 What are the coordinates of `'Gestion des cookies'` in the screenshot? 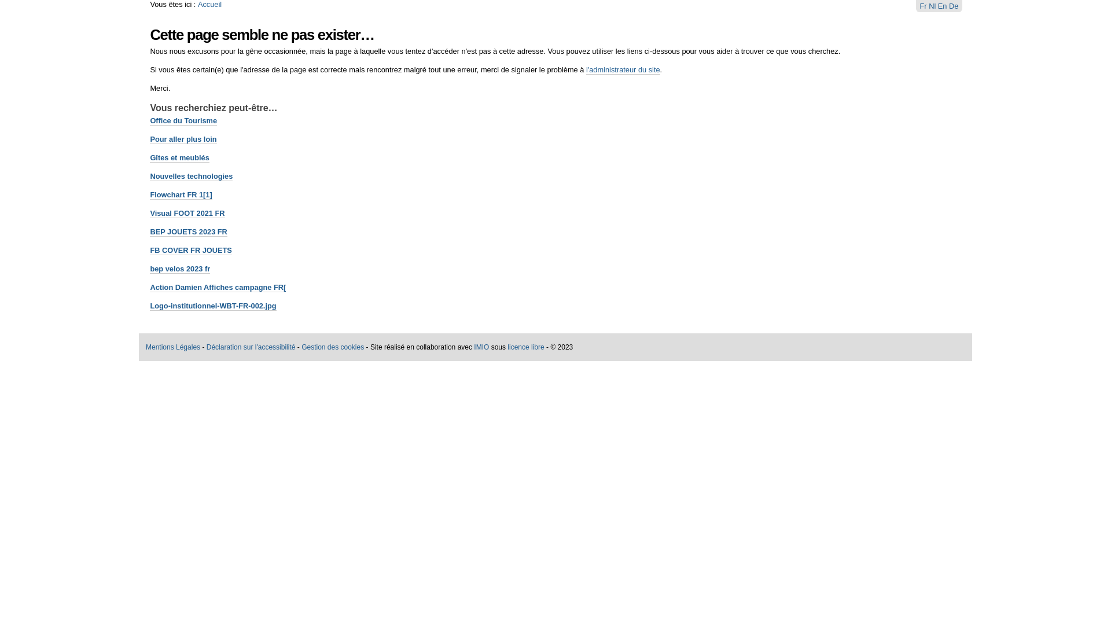 It's located at (332, 347).